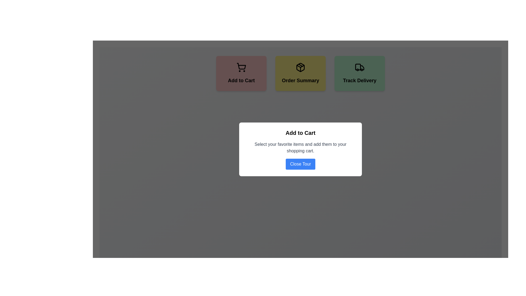 The height and width of the screenshot is (296, 526). Describe the element at coordinates (360, 80) in the screenshot. I see `the 'Track Delivery' text label, which is styled prominently with bold, large black text against a green background, indicating an interactive section` at that location.